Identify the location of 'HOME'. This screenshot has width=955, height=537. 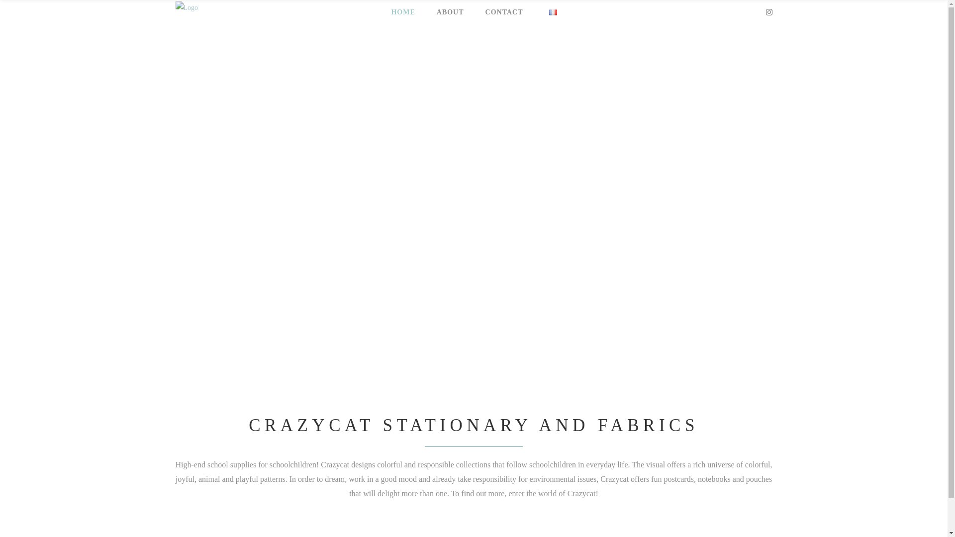
(401, 12).